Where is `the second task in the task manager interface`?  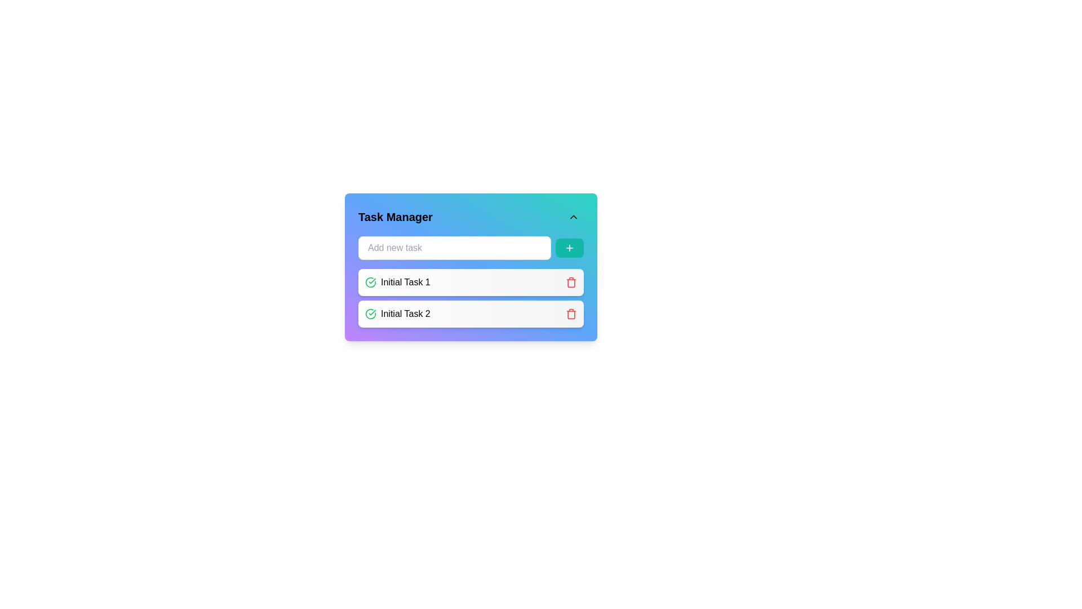
the second task in the task manager interface is located at coordinates (397, 314).